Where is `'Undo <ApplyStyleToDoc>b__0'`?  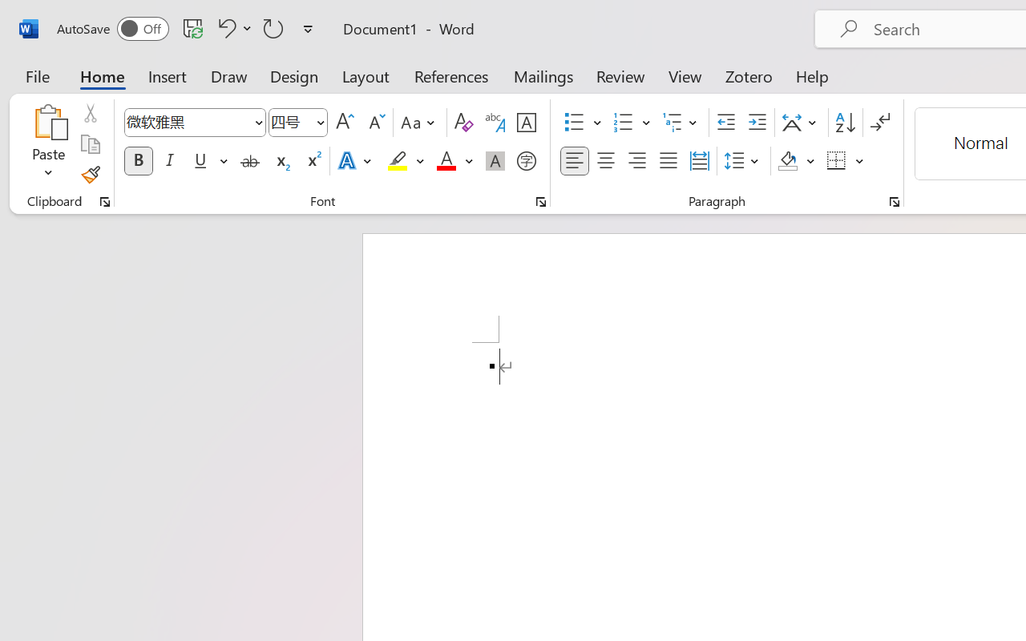 'Undo <ApplyStyleToDoc>b__0' is located at coordinates (232, 27).